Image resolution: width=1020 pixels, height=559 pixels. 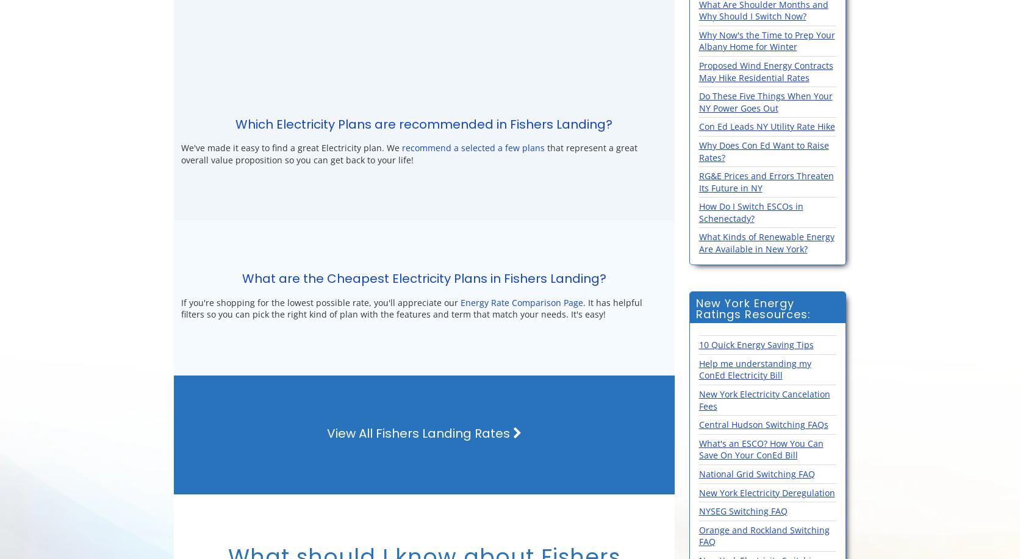 I want to click on 'Central Hudson Switching FAQs', so click(x=762, y=424).